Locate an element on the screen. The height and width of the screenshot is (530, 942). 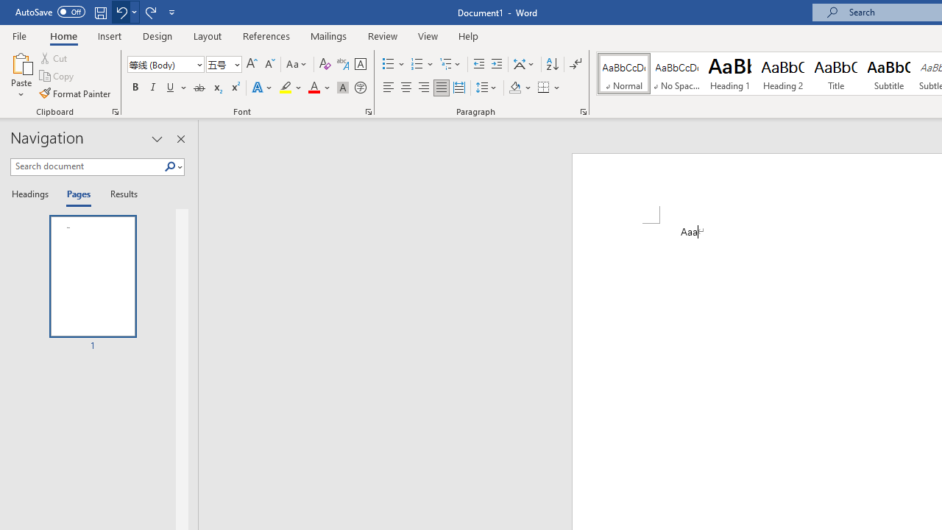
'Search' is located at coordinates (170, 166).